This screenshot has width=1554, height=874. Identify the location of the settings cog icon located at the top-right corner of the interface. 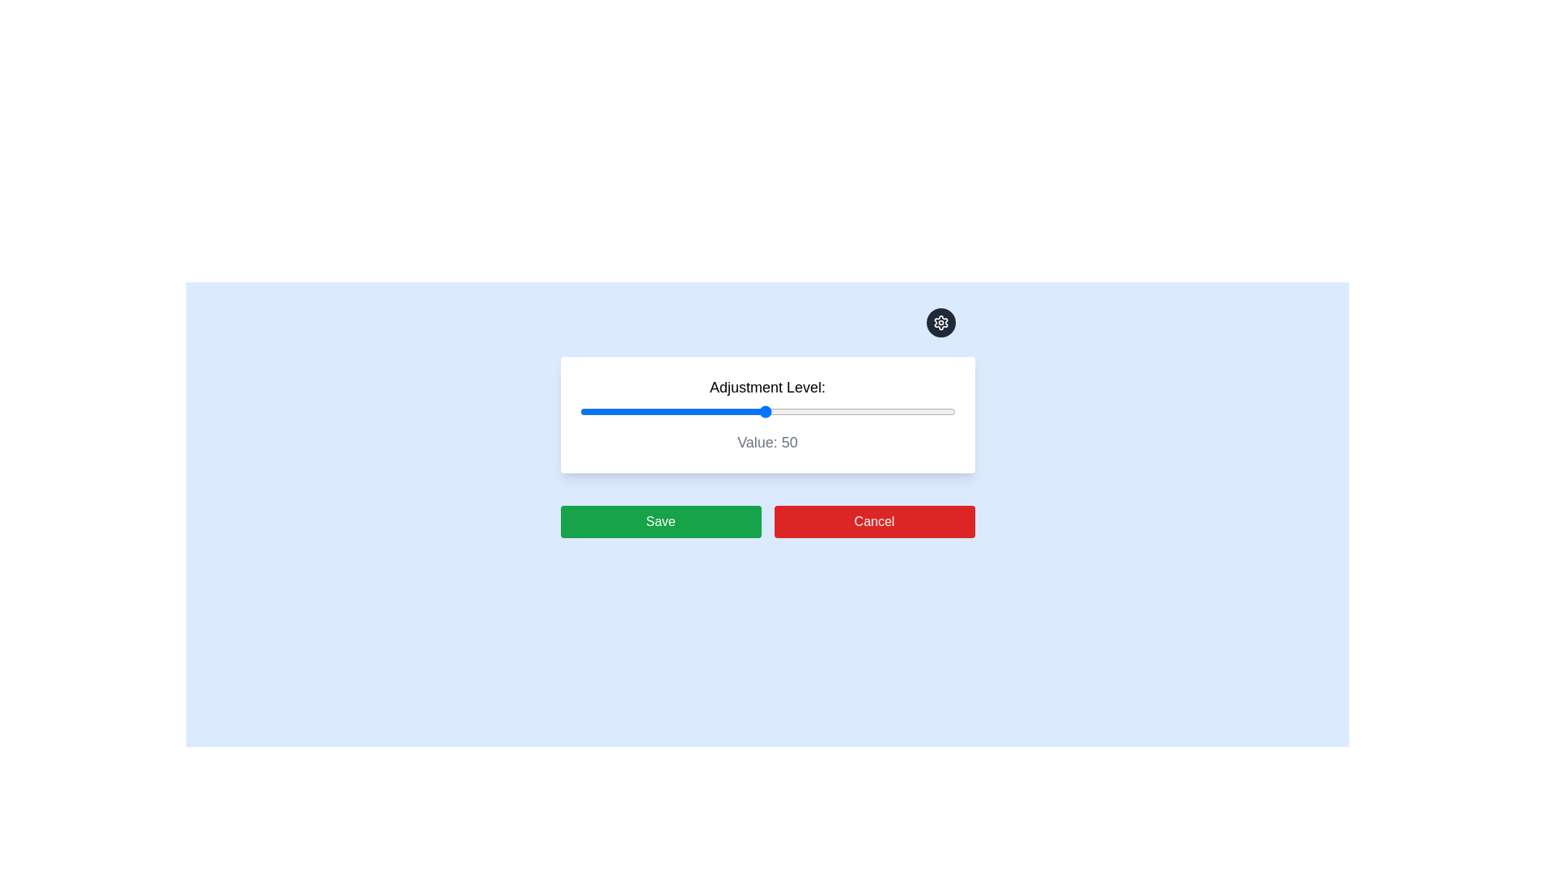
(940, 322).